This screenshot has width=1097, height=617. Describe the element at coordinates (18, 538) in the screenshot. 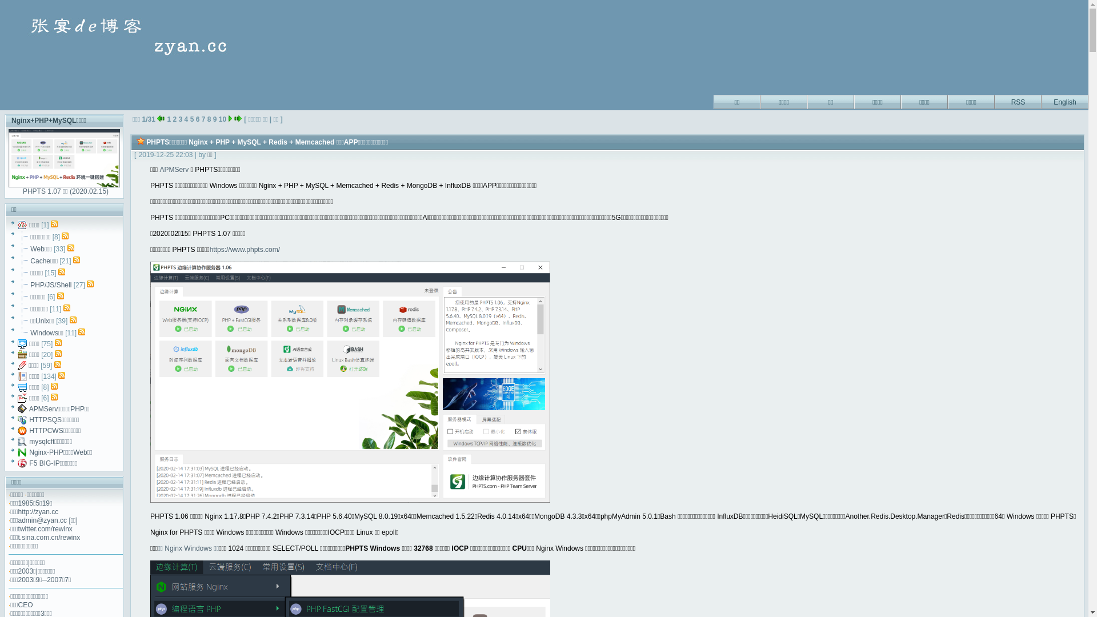

I see `'t.sina.com.cn/rewinx'` at that location.